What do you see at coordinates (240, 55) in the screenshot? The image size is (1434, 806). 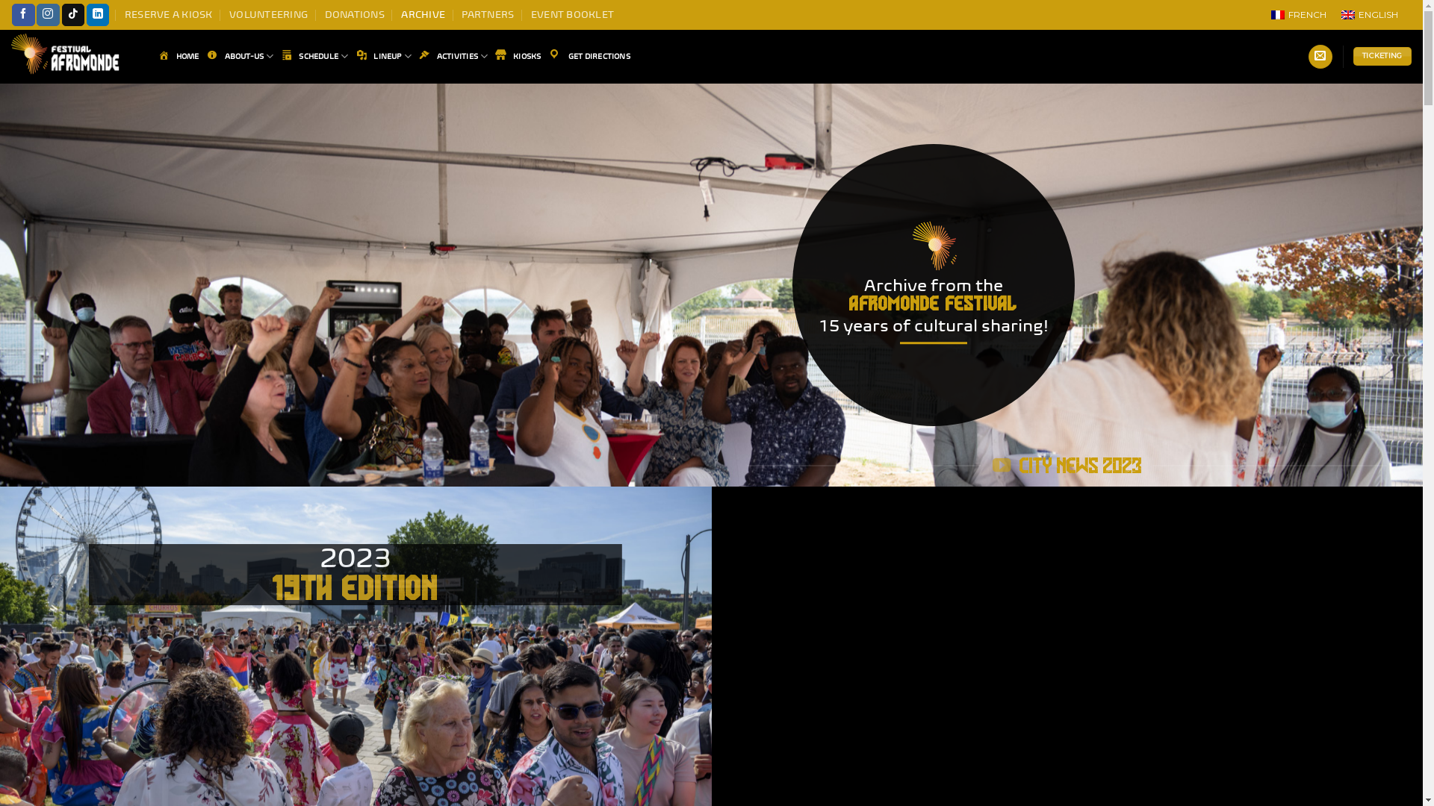 I see `'ABOUT-US'` at bounding box center [240, 55].